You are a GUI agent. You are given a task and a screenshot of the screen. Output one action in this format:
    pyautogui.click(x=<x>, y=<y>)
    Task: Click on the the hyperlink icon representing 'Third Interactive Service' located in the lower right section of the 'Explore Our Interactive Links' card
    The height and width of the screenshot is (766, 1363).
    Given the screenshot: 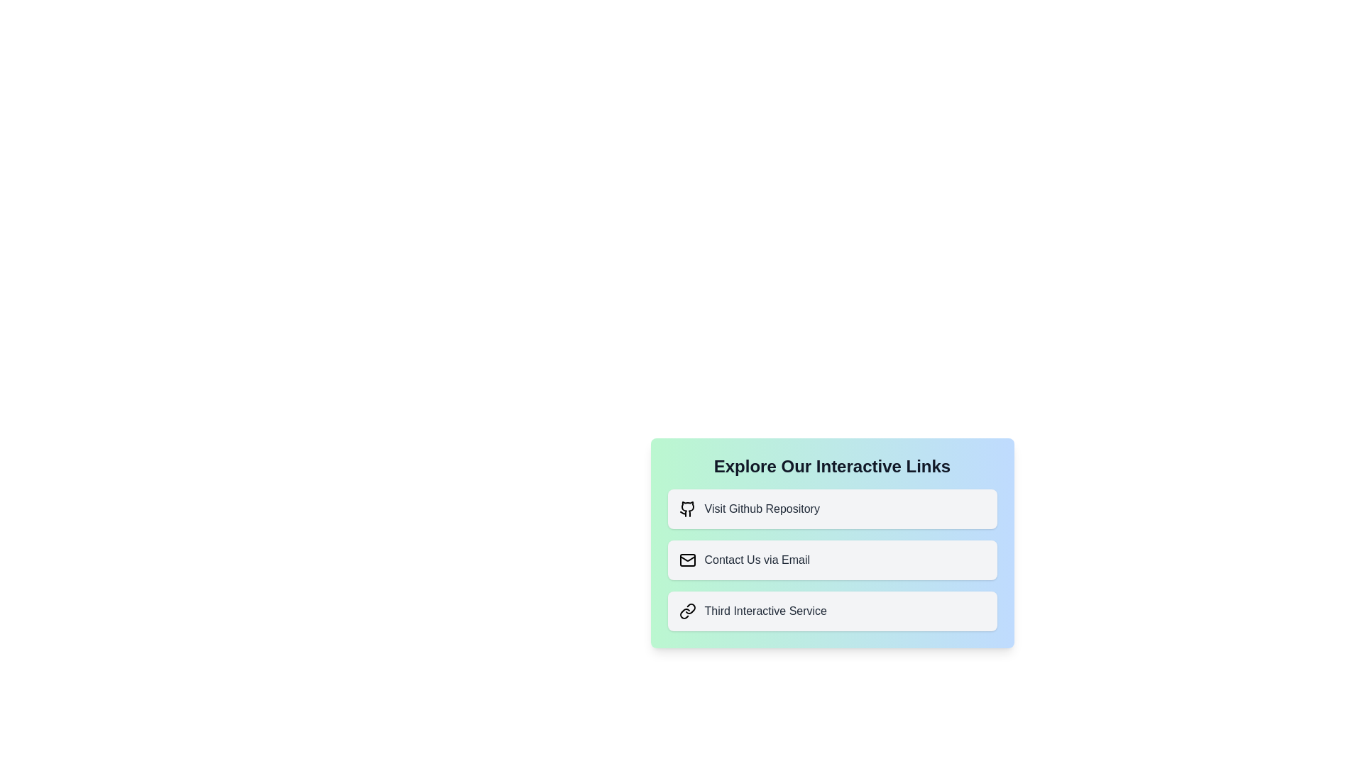 What is the action you would take?
    pyautogui.click(x=687, y=610)
    